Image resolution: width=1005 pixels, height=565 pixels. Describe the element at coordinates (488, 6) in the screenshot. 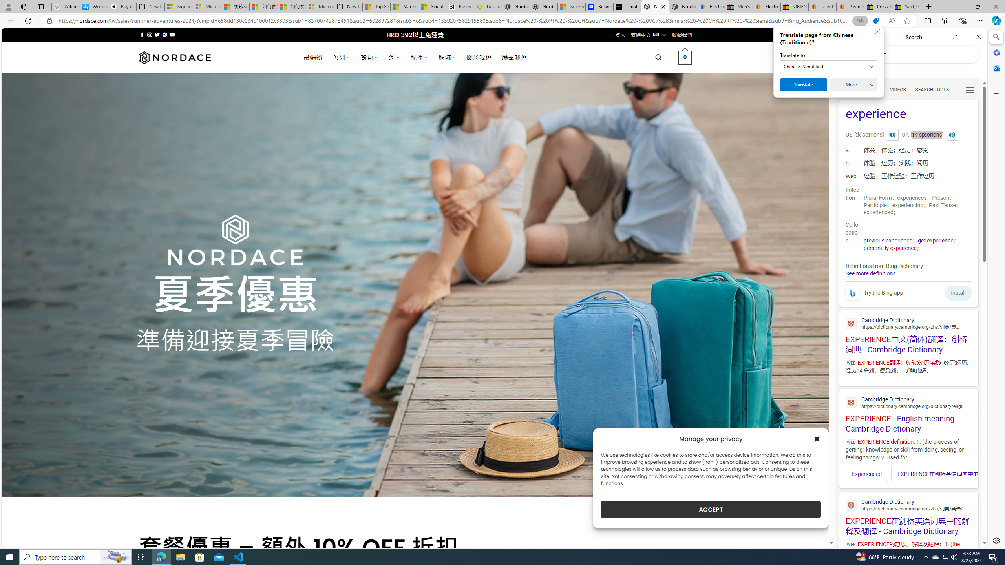

I see `'Descarga Driver Updater'` at that location.